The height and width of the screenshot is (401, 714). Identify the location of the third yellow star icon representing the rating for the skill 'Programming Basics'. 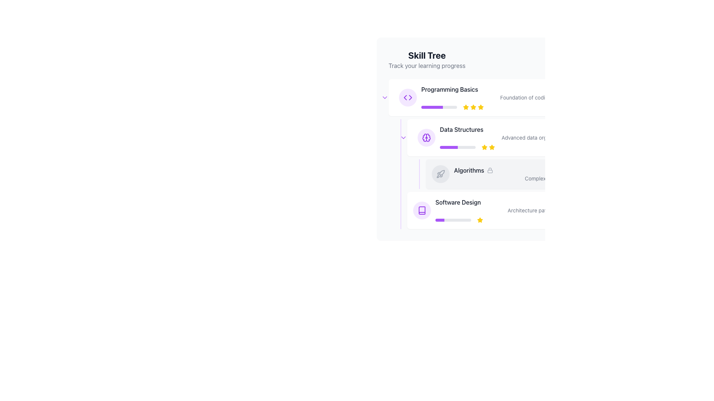
(480, 107).